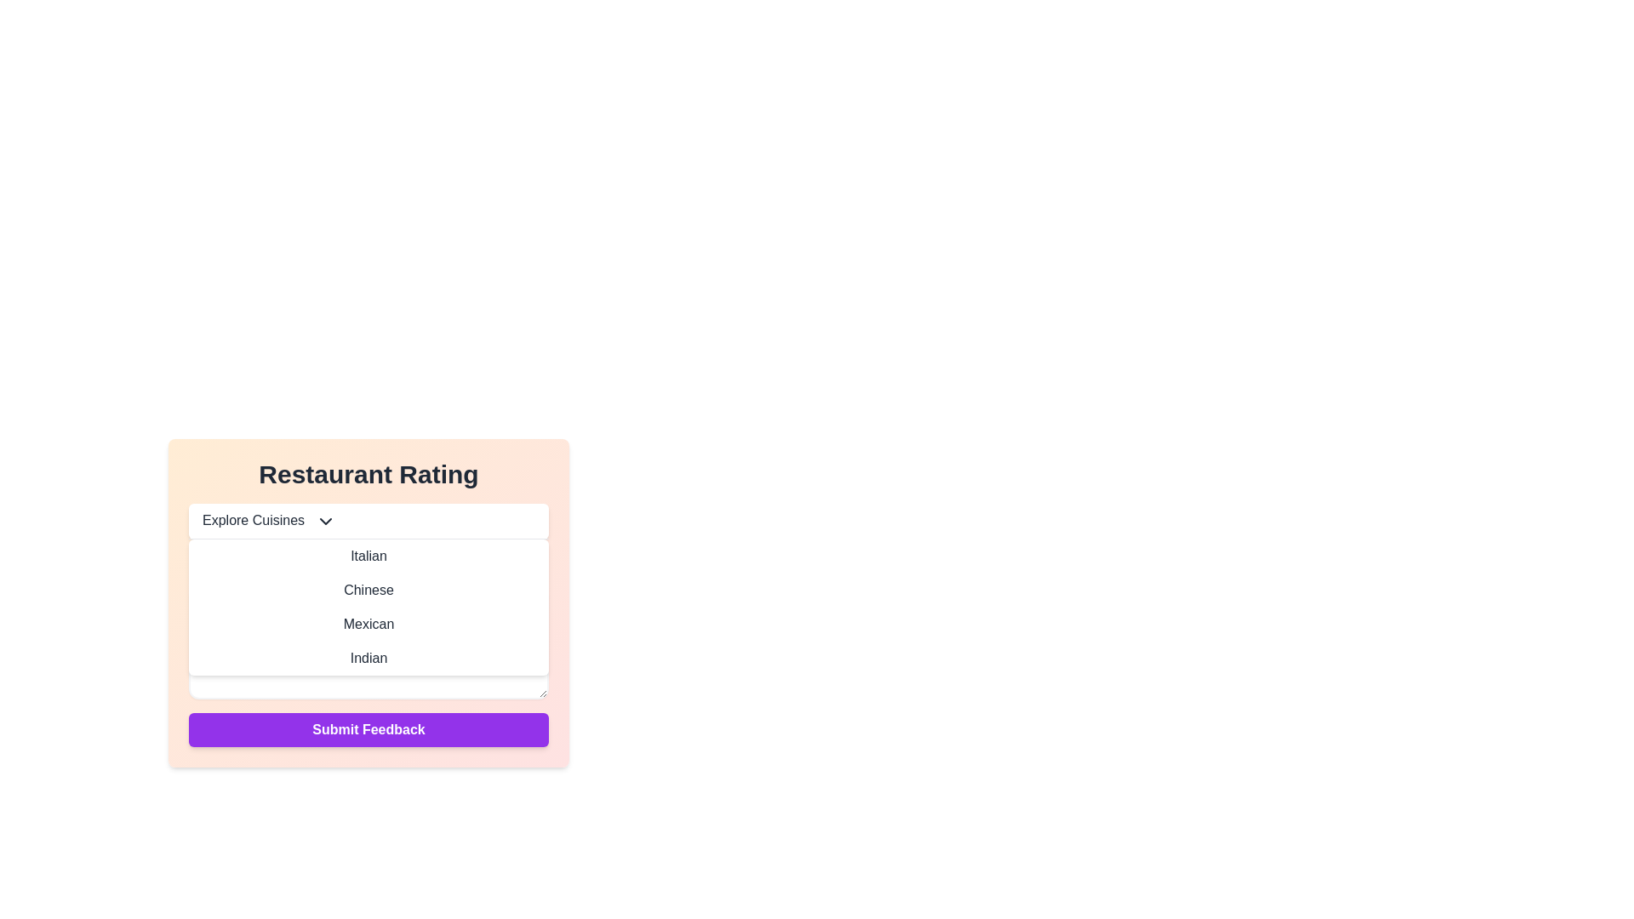  What do you see at coordinates (368, 556) in the screenshot?
I see `the first selectable list item labeled 'Italian'` at bounding box center [368, 556].